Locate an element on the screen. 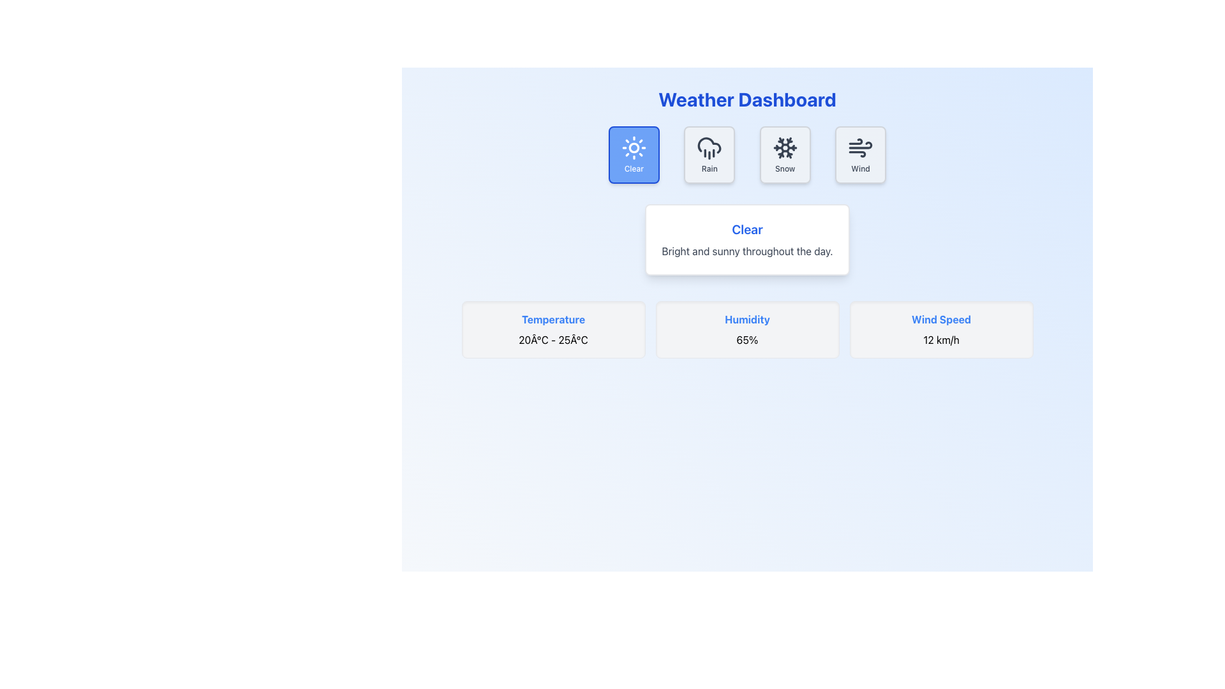 This screenshot has height=689, width=1225. the Information display panel that shows 'Humidity' with '65%' below it, which is the second panel in a horizontal group of three at the bottom of the dashboard interface is located at coordinates (747, 329).